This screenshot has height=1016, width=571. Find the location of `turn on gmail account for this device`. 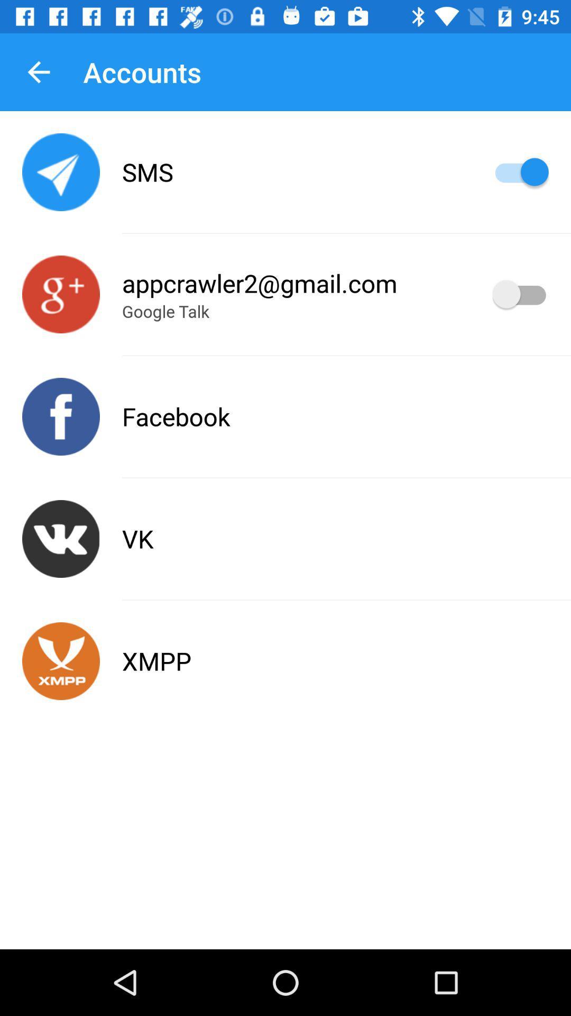

turn on gmail account for this device is located at coordinates (520, 294).